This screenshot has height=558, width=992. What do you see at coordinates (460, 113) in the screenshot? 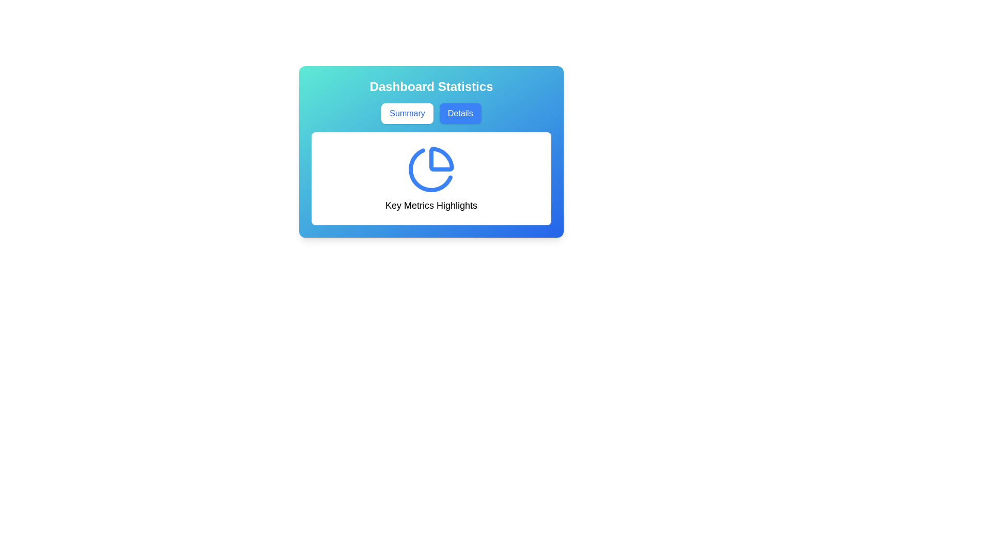
I see `the 'Details' button, which is a rectangular button with rounded corners, a vibrant blue background, and white centrally aligned text, to trigger a visual response` at bounding box center [460, 113].